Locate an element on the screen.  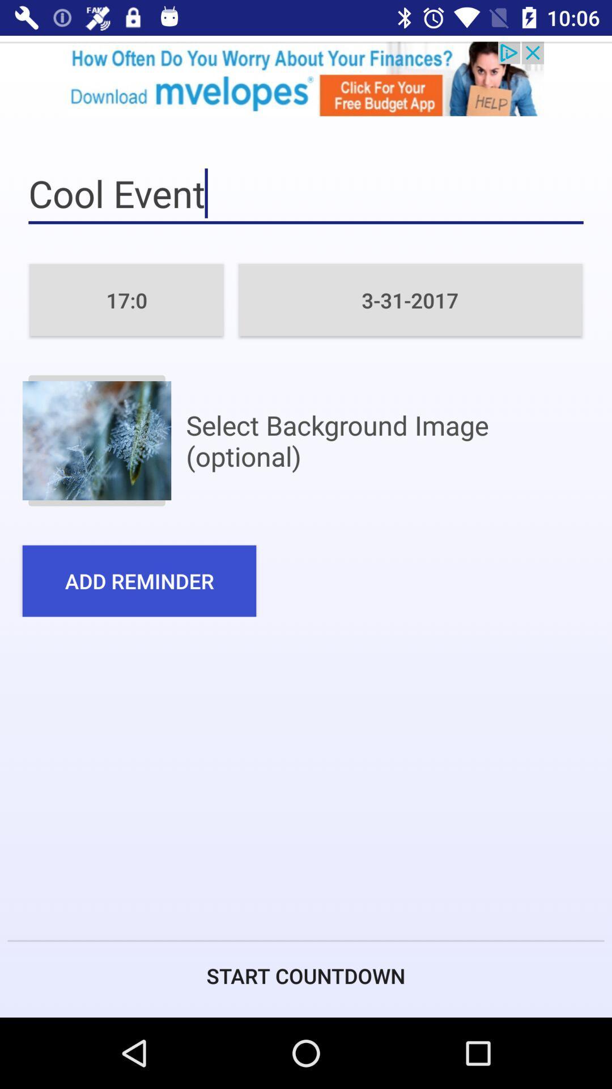
image page is located at coordinates (96, 440).